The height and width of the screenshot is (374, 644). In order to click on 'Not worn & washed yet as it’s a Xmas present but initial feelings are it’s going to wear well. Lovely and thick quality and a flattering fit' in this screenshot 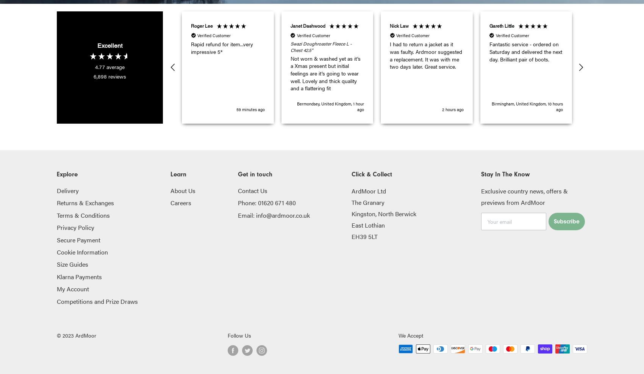, I will do `click(325, 72)`.